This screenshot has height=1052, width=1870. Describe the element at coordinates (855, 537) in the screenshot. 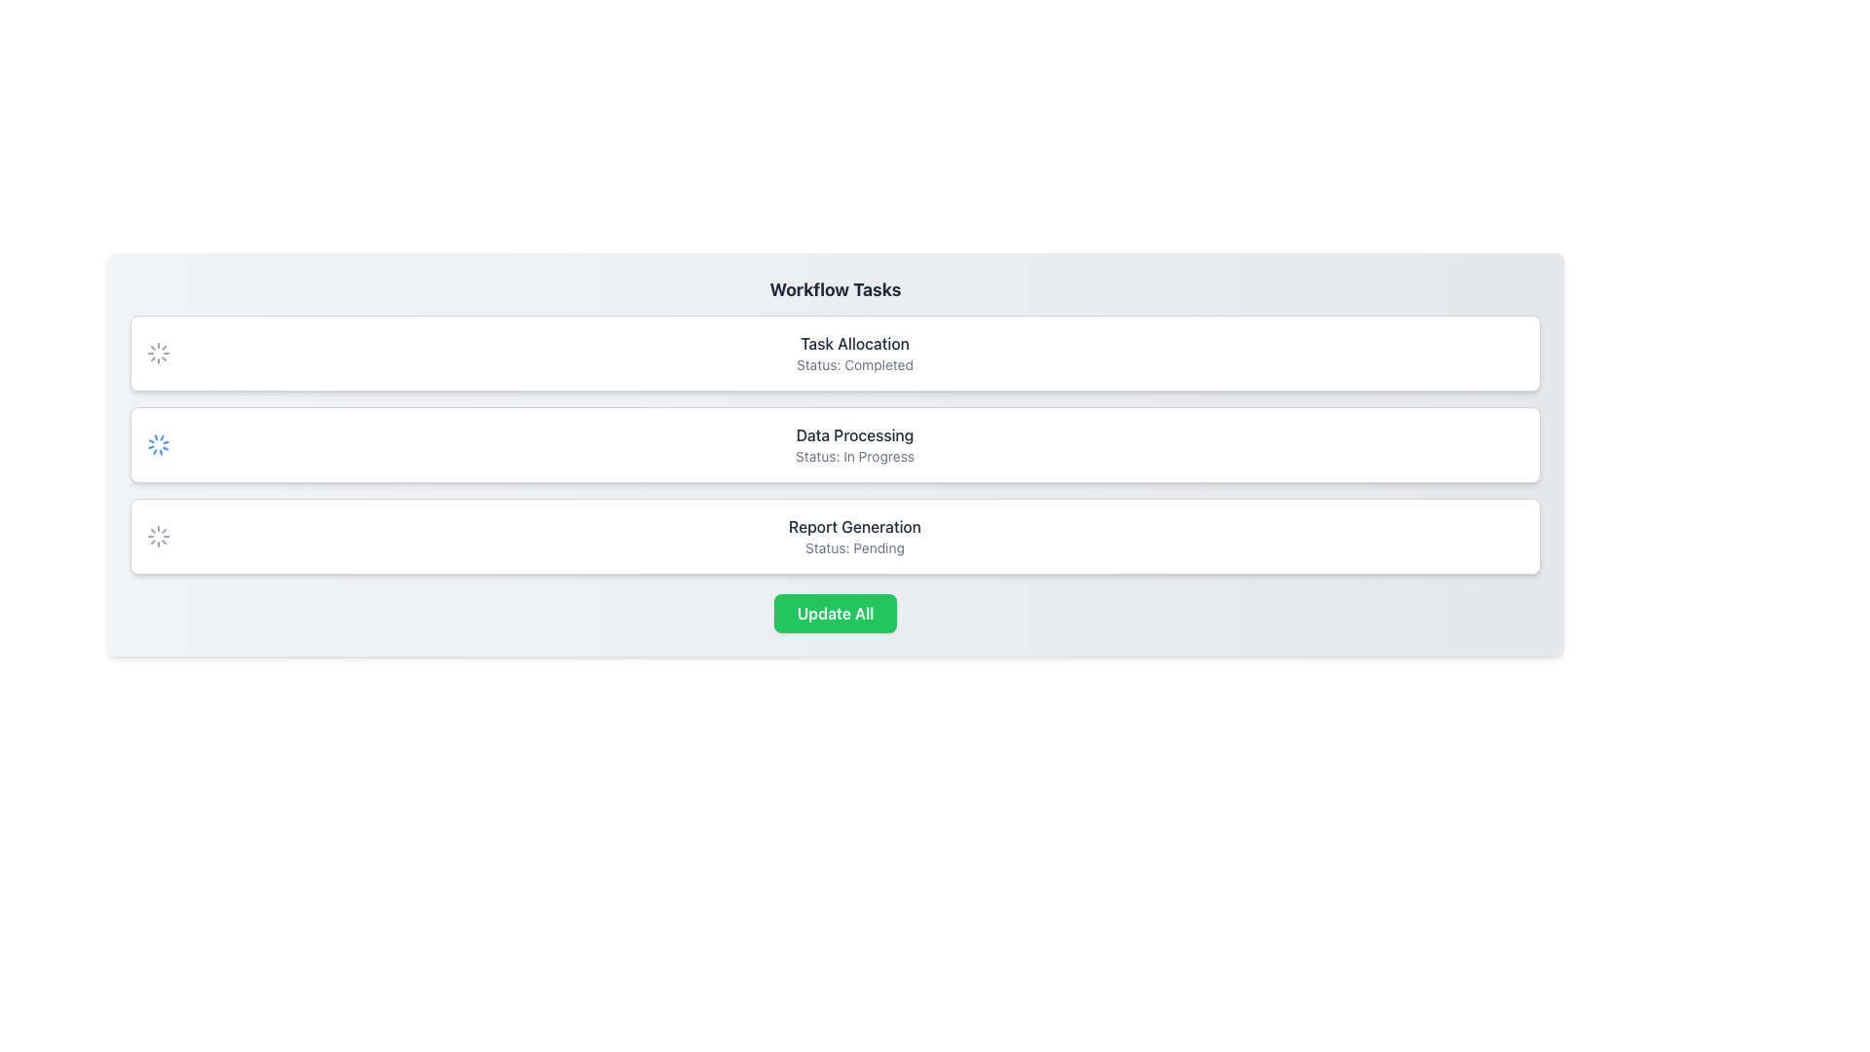

I see `the status indicator text display for the 'Report Generation' task, which currently shows 'Pending', located in the third card under the 'Workflow Tasks' header` at that location.